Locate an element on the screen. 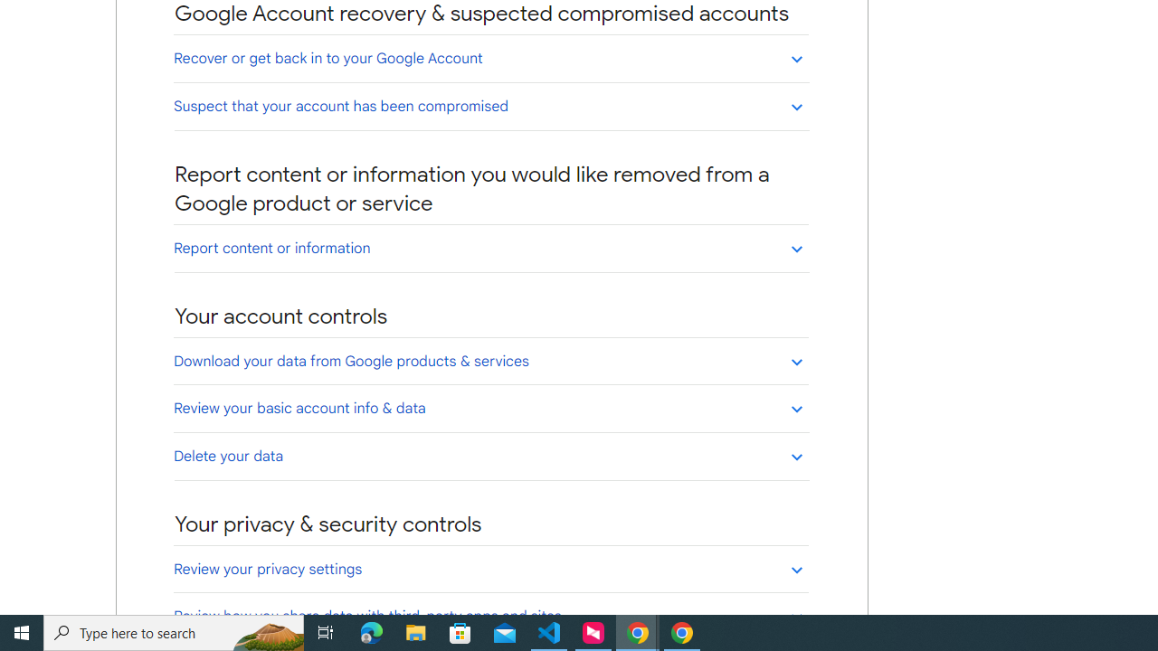  'Review your basic account info & data' is located at coordinates (490, 408).